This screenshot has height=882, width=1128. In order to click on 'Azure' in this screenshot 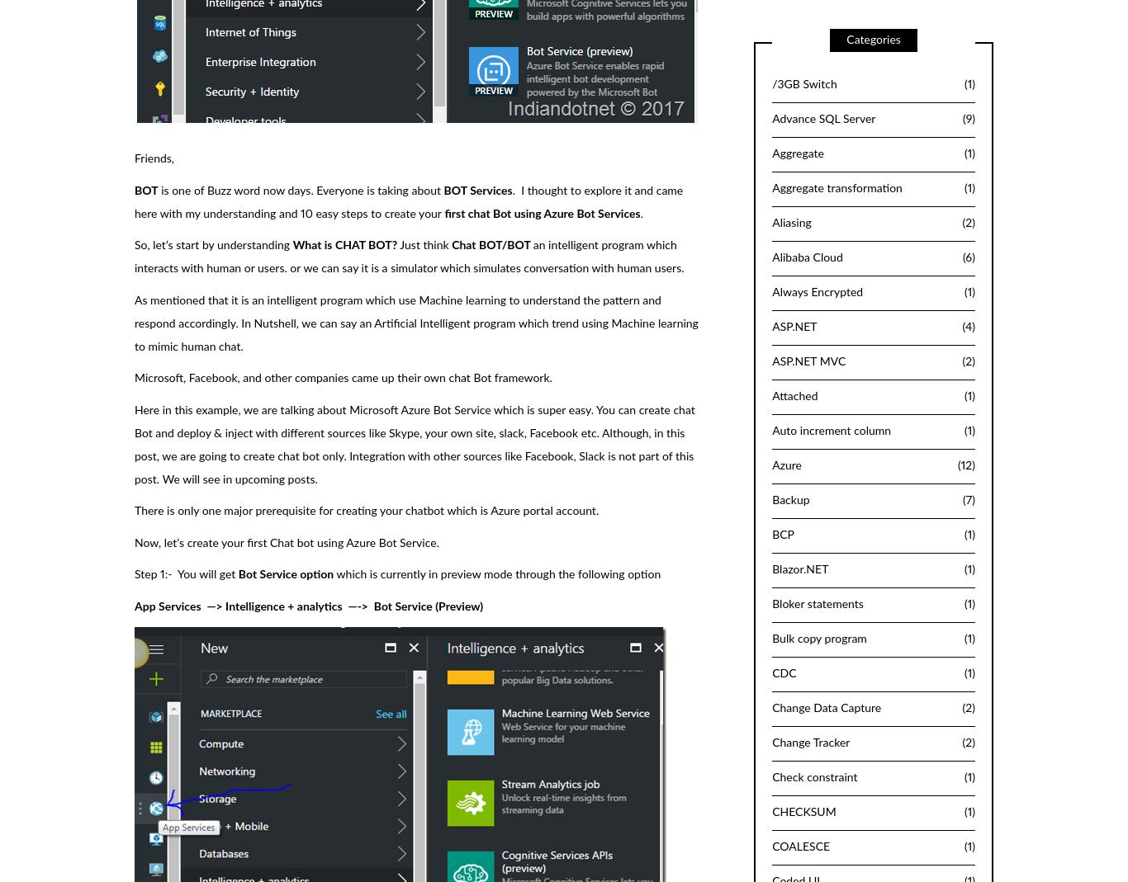, I will do `click(787, 465)`.